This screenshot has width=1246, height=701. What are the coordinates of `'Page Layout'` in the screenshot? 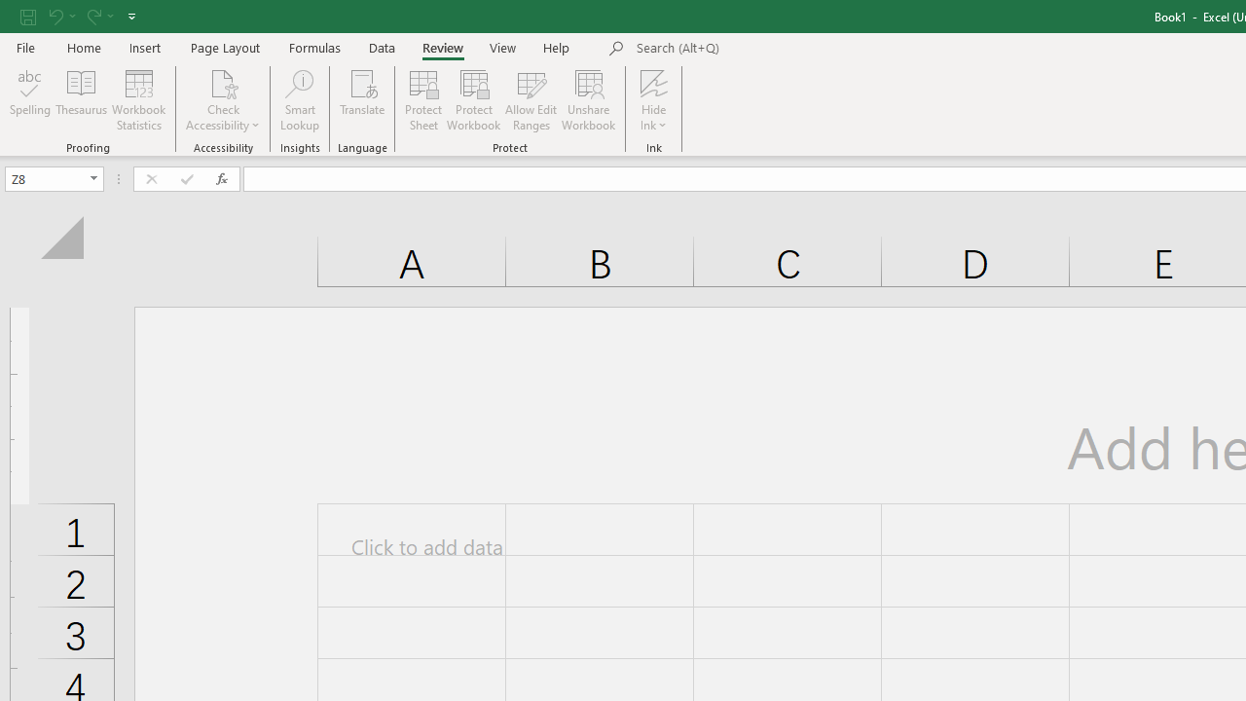 It's located at (225, 47).